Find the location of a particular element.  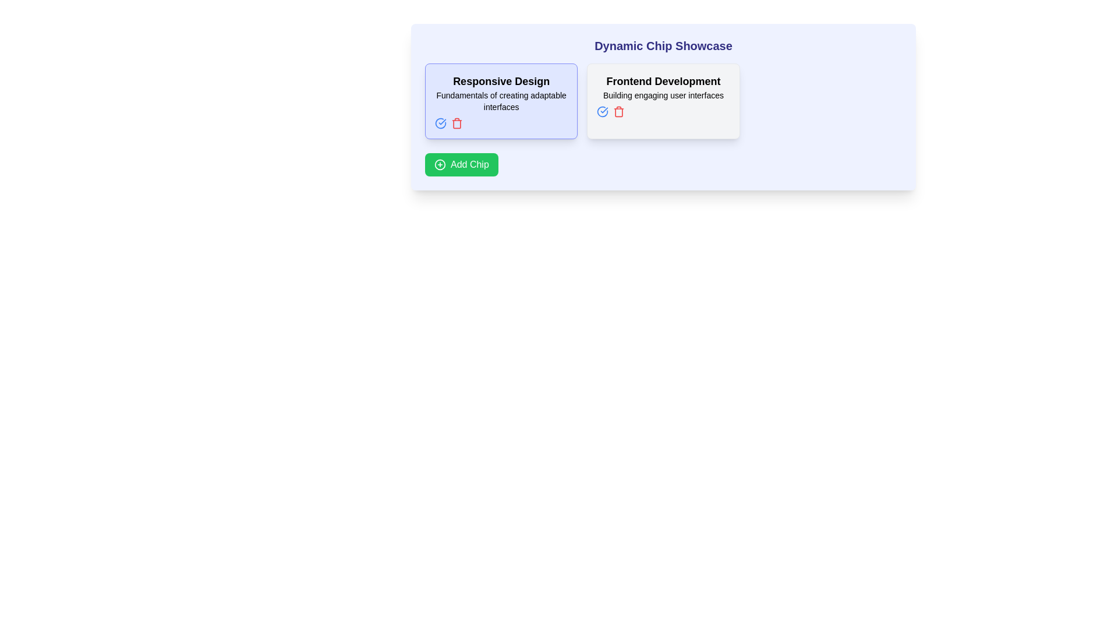

the circular icon with a plus sign in the center of the green 'Add Chip' button located at the bottom-left corner of the card-like interface is located at coordinates (439, 164).